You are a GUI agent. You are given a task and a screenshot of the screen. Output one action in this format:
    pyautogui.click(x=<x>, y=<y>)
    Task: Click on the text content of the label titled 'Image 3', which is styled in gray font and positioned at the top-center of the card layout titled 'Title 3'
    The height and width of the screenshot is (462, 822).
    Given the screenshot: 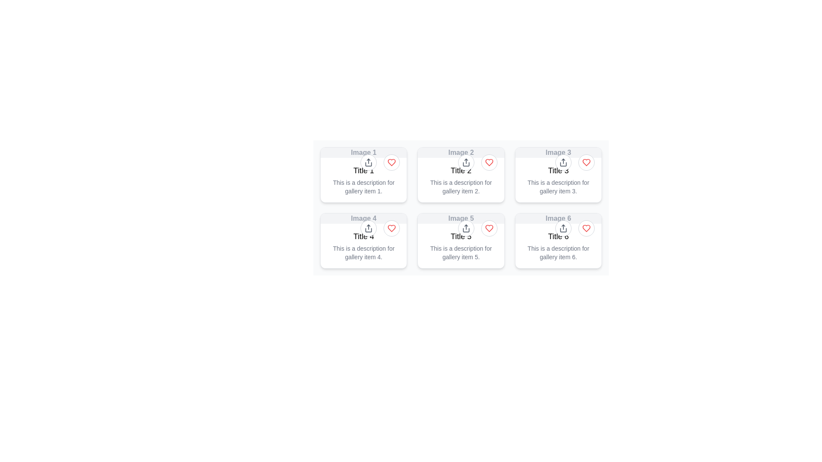 What is the action you would take?
    pyautogui.click(x=558, y=152)
    